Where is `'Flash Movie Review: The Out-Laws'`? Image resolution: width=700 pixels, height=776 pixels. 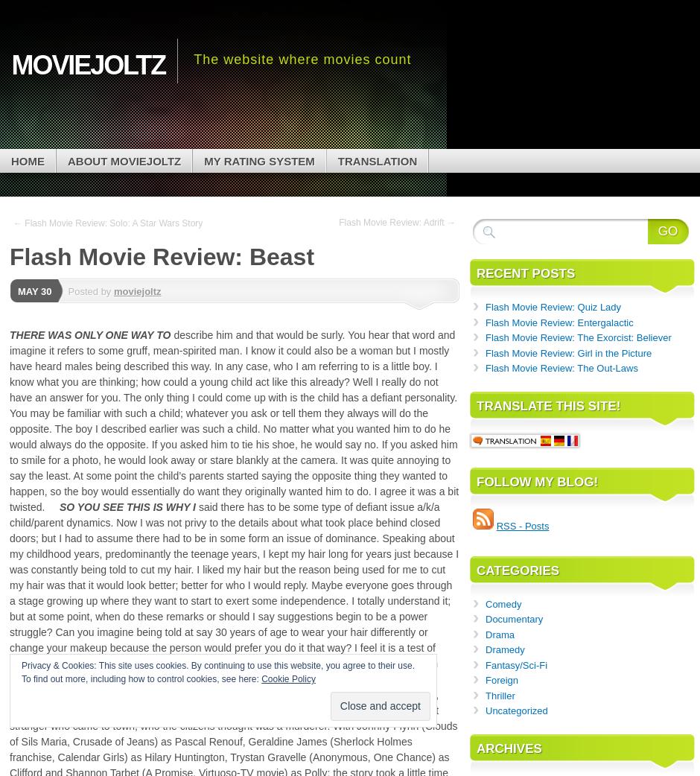 'Flash Movie Review: The Out-Laws' is located at coordinates (560, 368).